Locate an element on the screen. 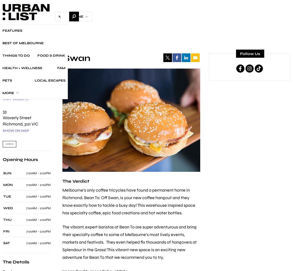  'The Details' is located at coordinates (15, 261).